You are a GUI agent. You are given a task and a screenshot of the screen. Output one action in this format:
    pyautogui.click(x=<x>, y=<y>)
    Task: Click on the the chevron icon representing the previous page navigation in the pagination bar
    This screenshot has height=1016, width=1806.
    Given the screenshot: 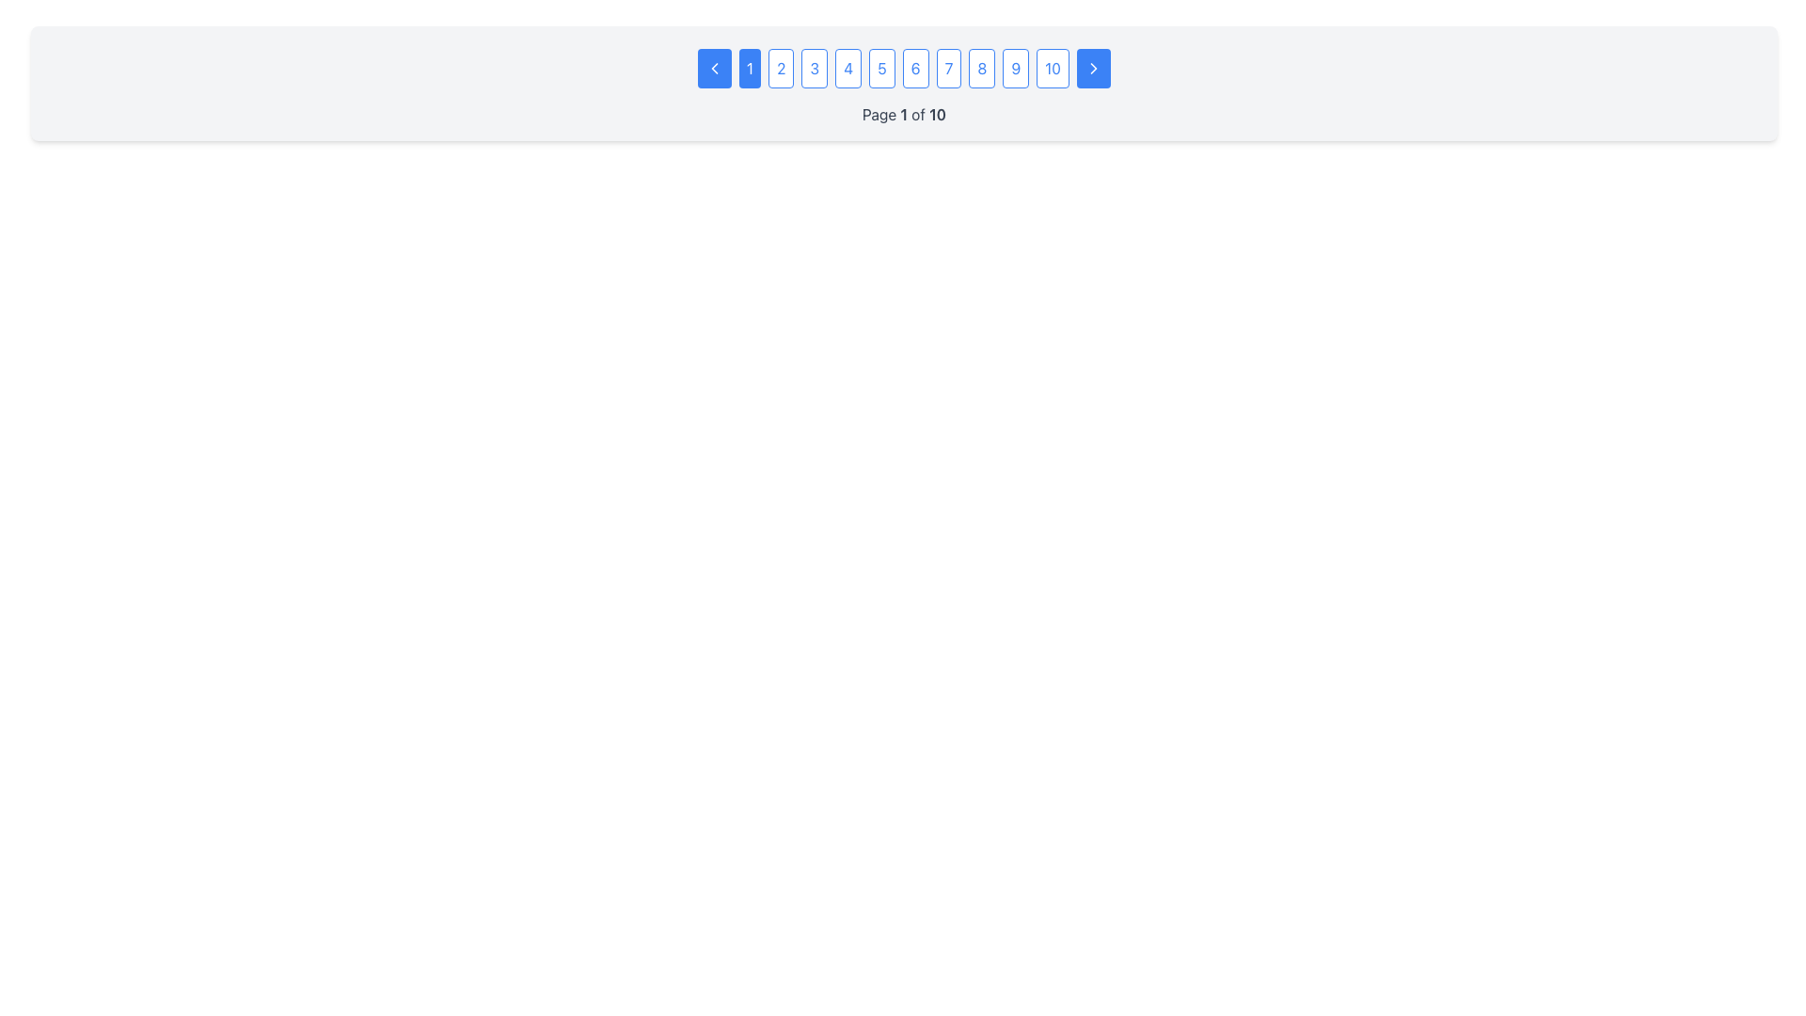 What is the action you would take?
    pyautogui.click(x=713, y=68)
    